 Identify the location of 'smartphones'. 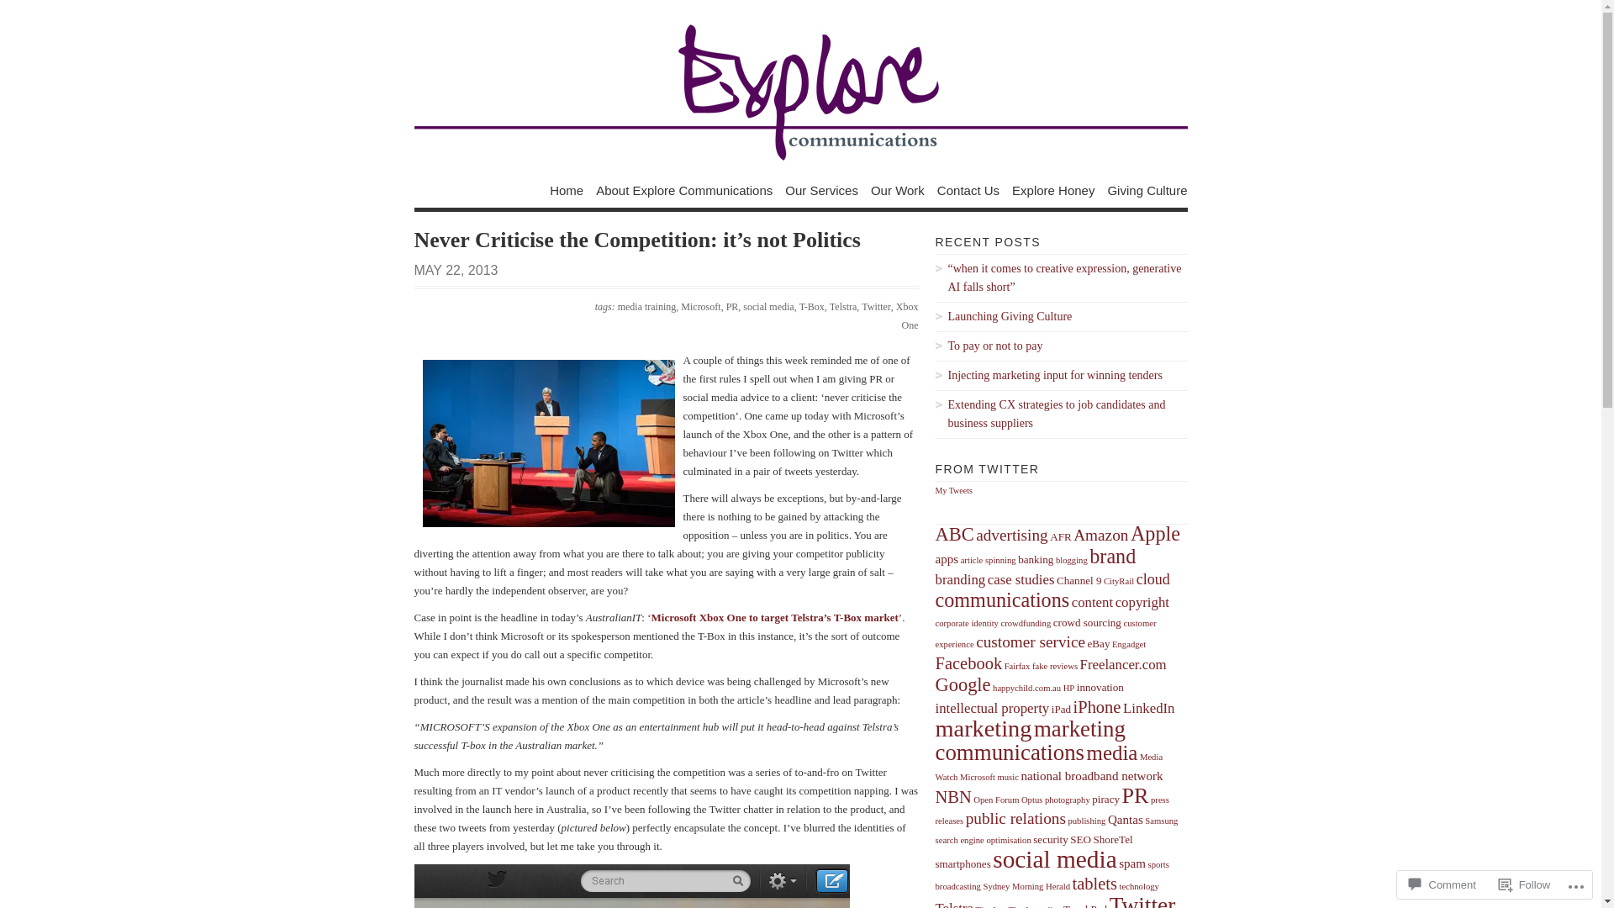
(963, 863).